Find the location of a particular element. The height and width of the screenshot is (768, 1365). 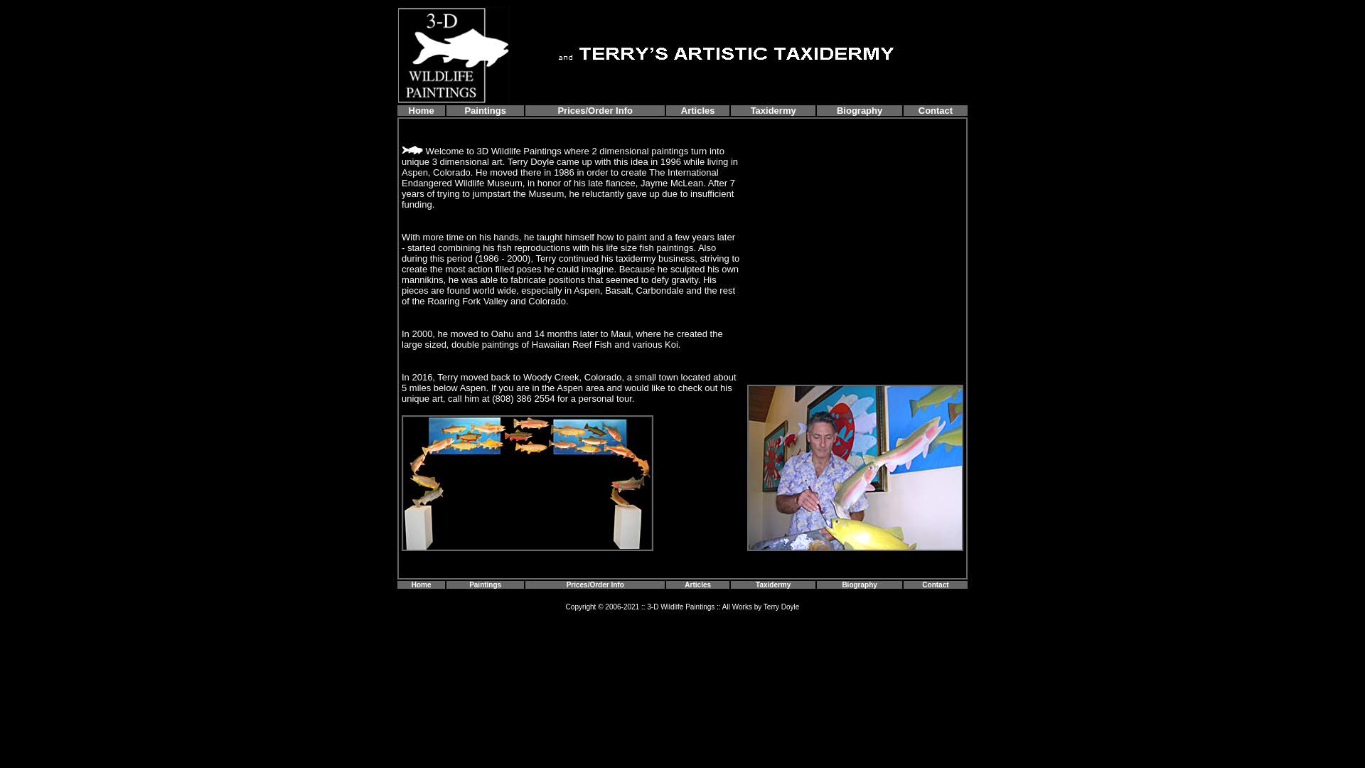

'Articles' is located at coordinates (697, 585).